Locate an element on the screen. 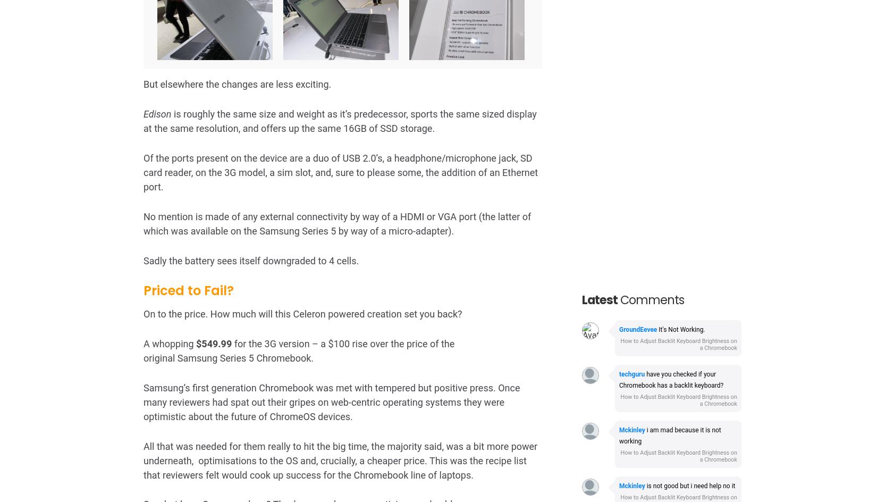 The height and width of the screenshot is (502, 877). 'Tweet' is located at coordinates (167, 315).